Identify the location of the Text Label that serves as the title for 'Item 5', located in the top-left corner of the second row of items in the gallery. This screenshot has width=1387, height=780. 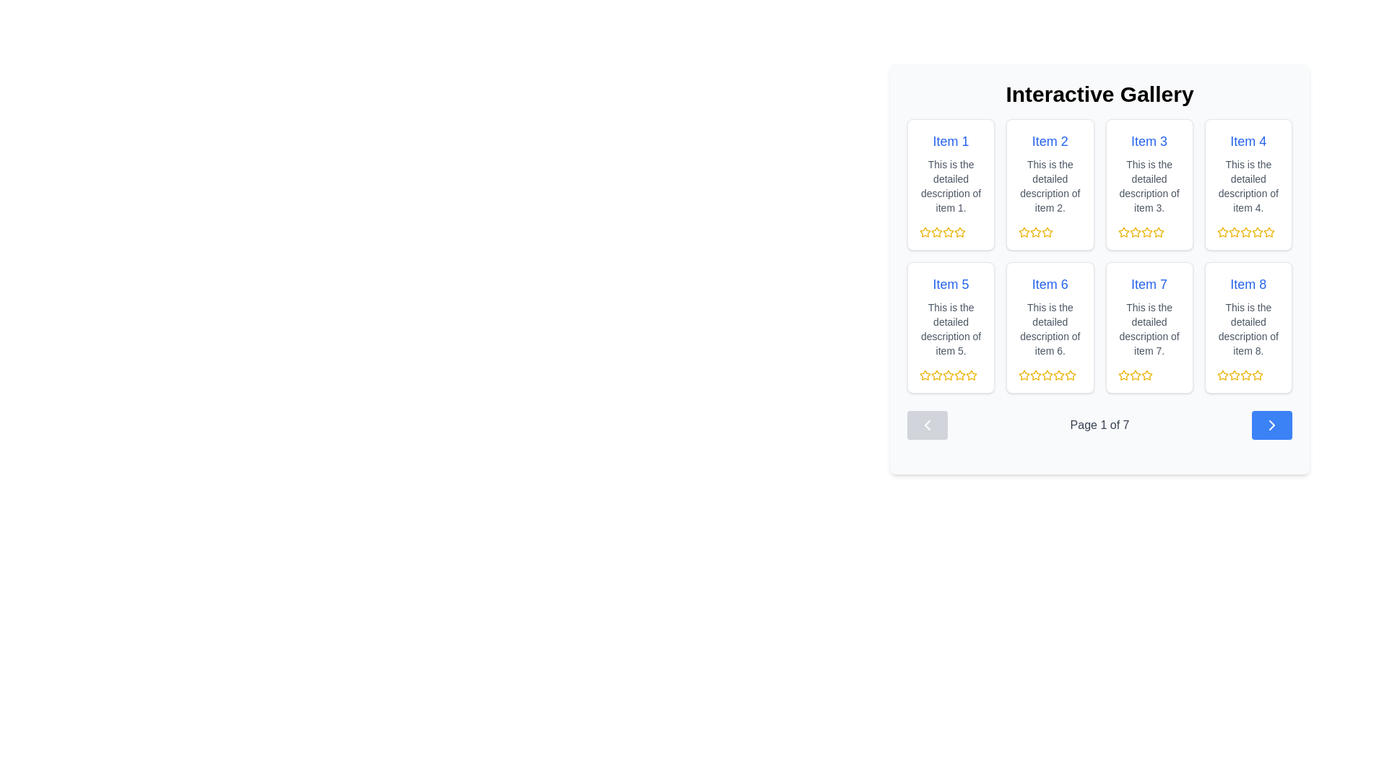
(951, 284).